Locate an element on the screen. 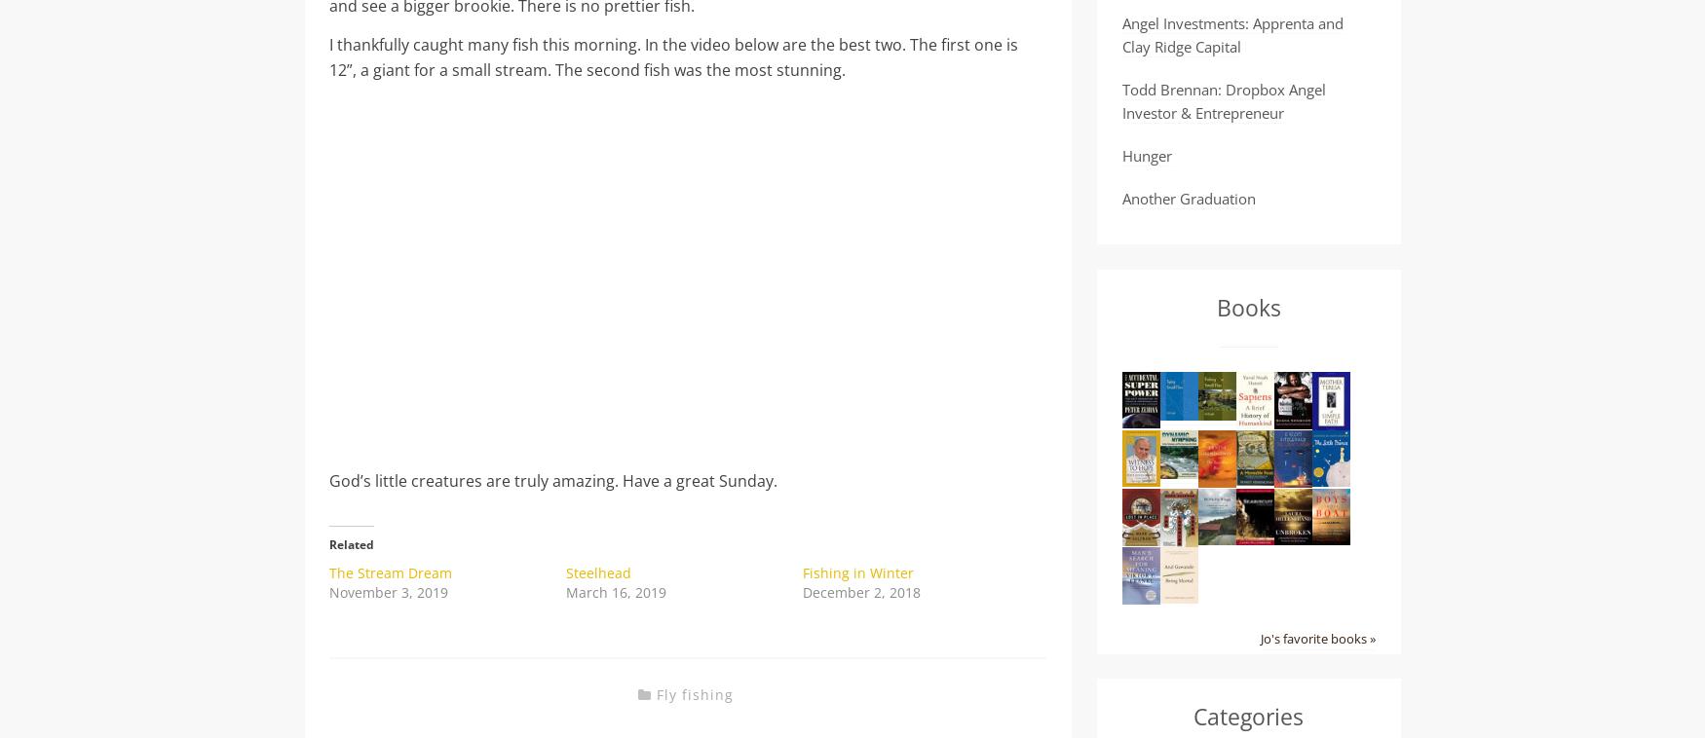 This screenshot has height=738, width=1705. 'Hunger' is located at coordinates (1145, 154).